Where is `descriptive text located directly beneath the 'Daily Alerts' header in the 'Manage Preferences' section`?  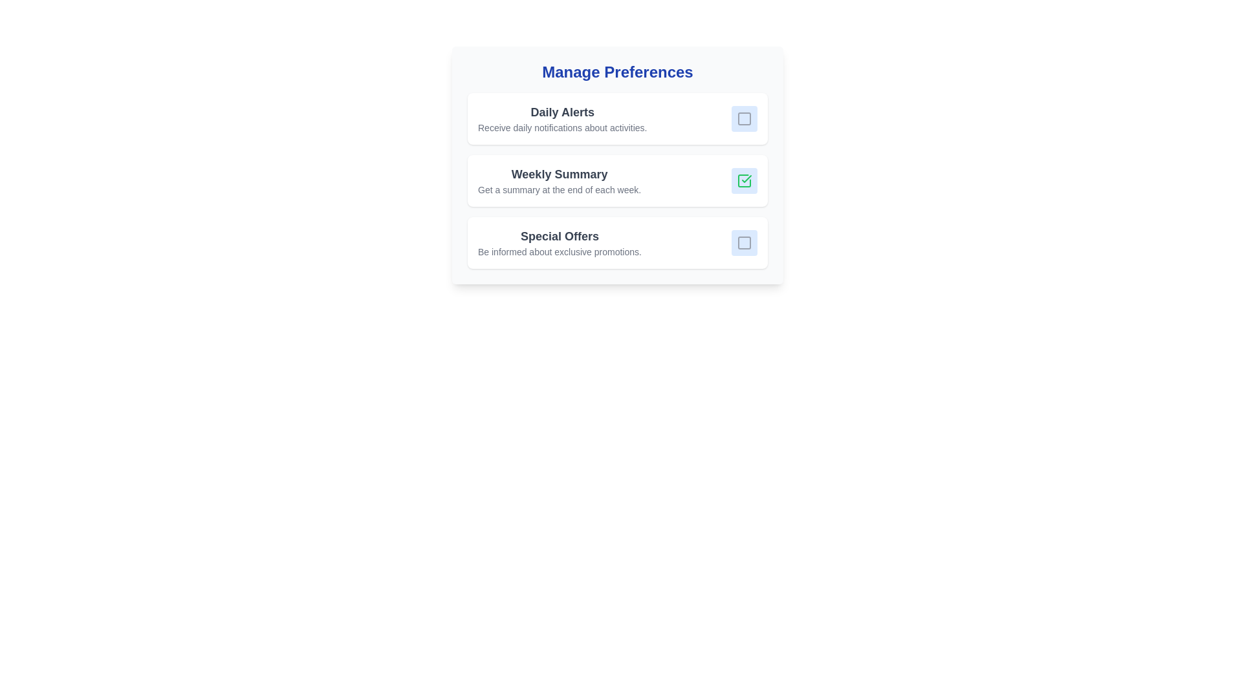
descriptive text located directly beneath the 'Daily Alerts' header in the 'Manage Preferences' section is located at coordinates (562, 127).